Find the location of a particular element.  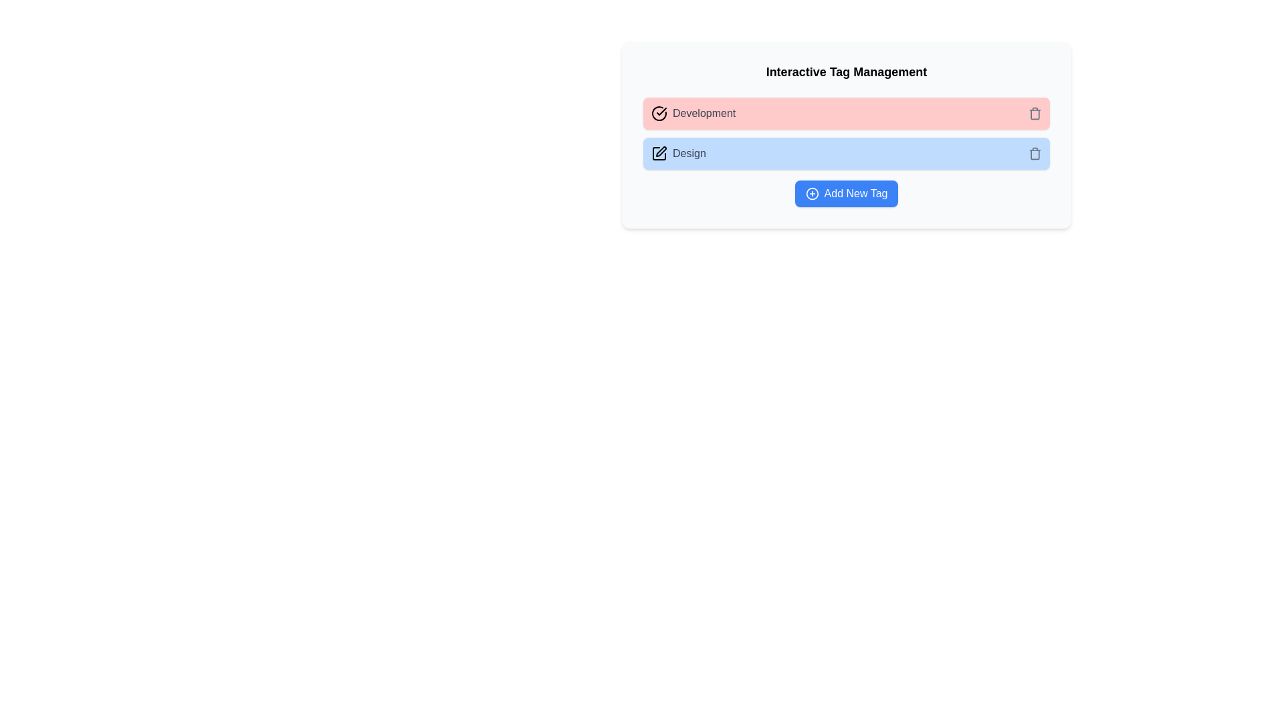

the 'Design' text label, which is styled in medium-weight gray font and located in the second item of the 'Interactive Tag Management' section, to the right of a pen icon is located at coordinates (689, 153).